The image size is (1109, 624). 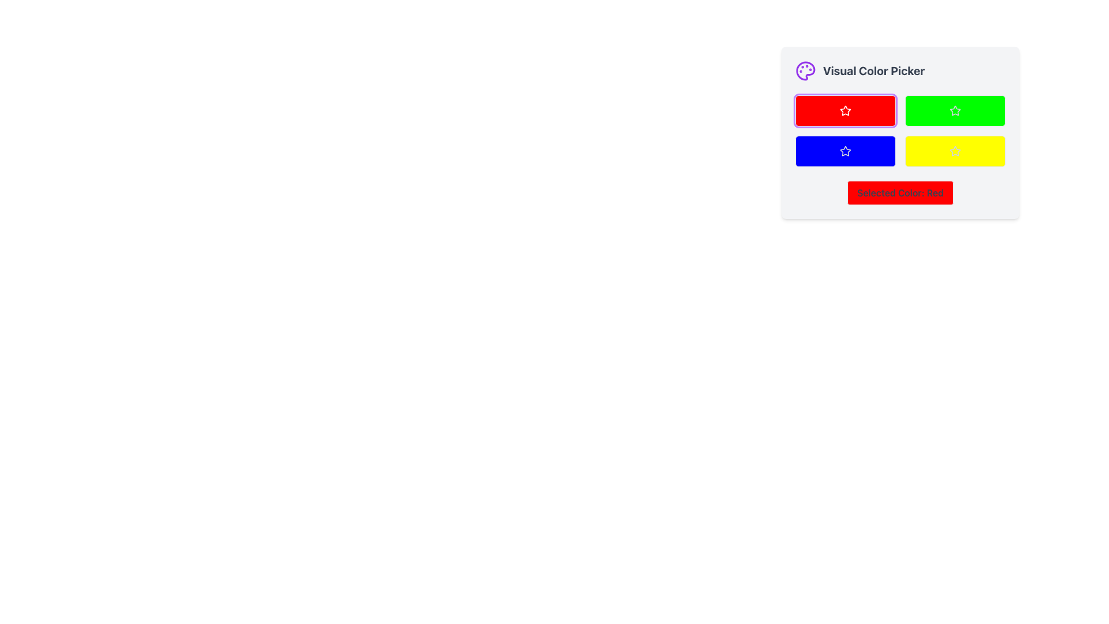 What do you see at coordinates (955, 151) in the screenshot?
I see `the star-shaped gray icon located within the yellow rectangular button in the bottom-right corner of the grid layout` at bounding box center [955, 151].